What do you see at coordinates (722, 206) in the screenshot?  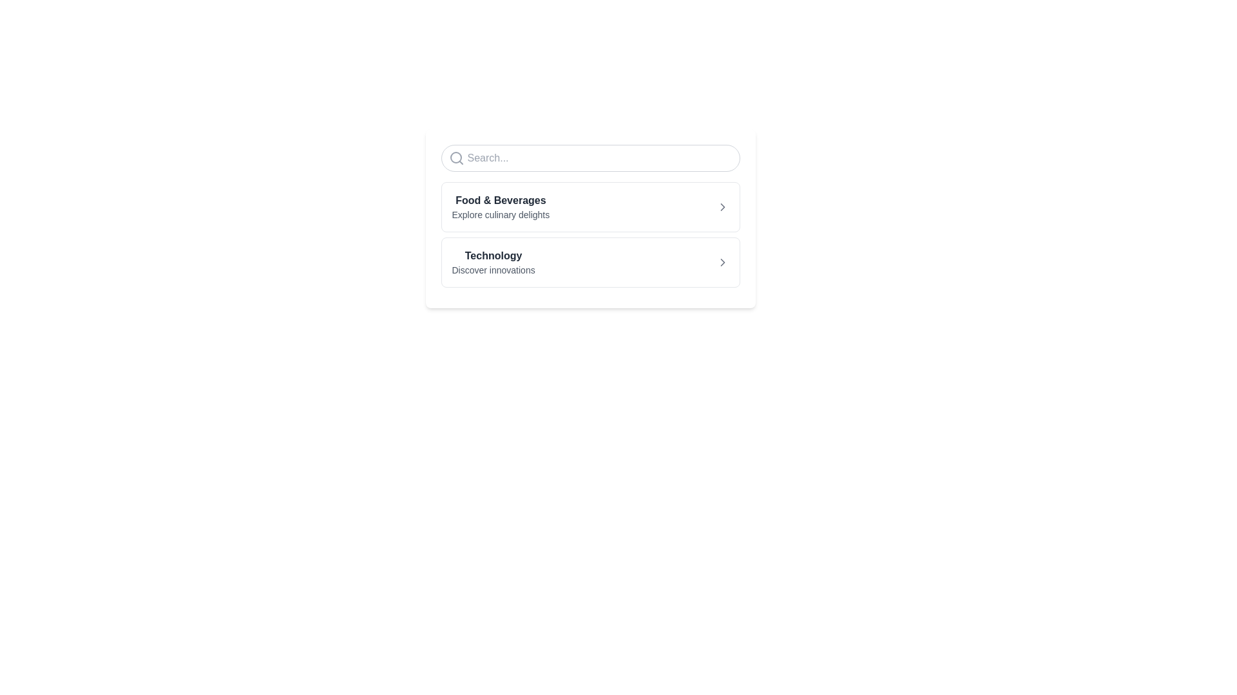 I see `the right-facing chevron arrow icon located to the far right of the 'Food & Beverages' list item` at bounding box center [722, 206].